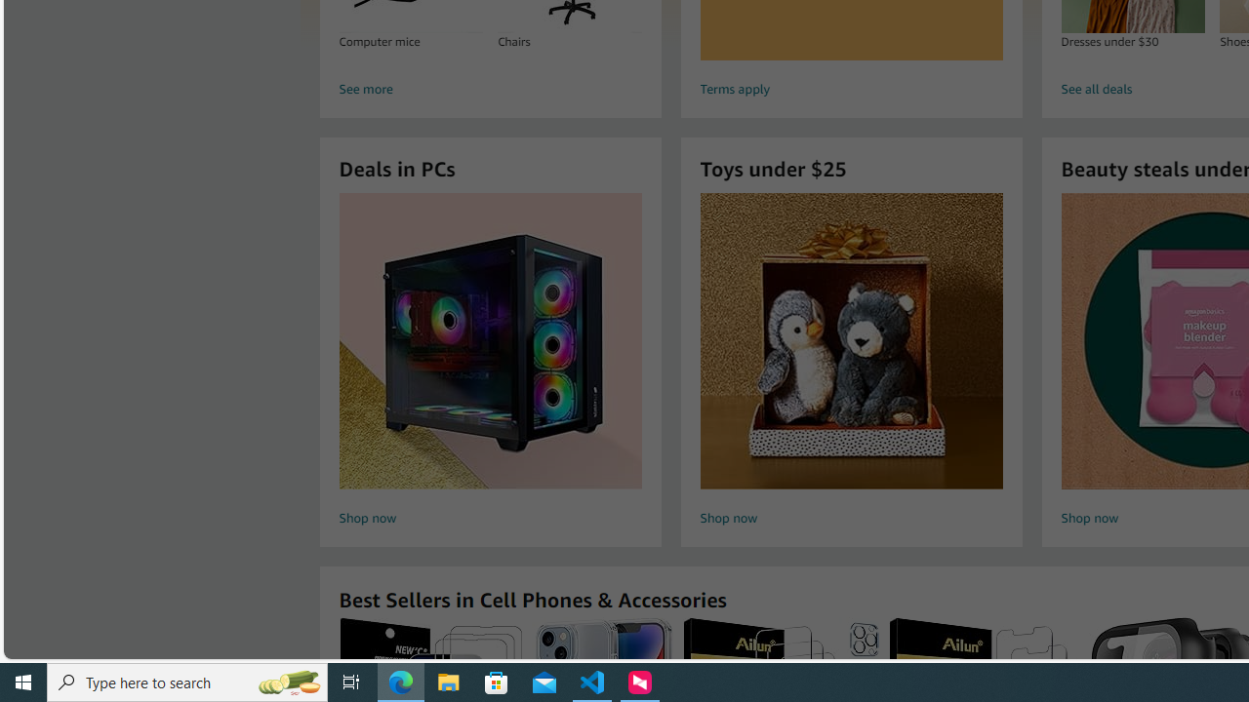  What do you see at coordinates (491, 339) in the screenshot?
I see `'Deals in PCs'` at bounding box center [491, 339].